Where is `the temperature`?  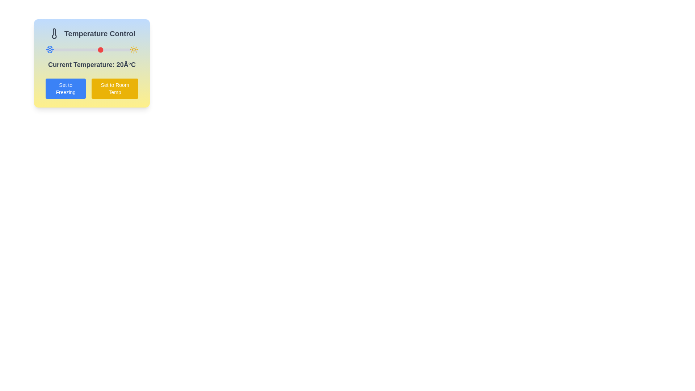 the temperature is located at coordinates (81, 50).